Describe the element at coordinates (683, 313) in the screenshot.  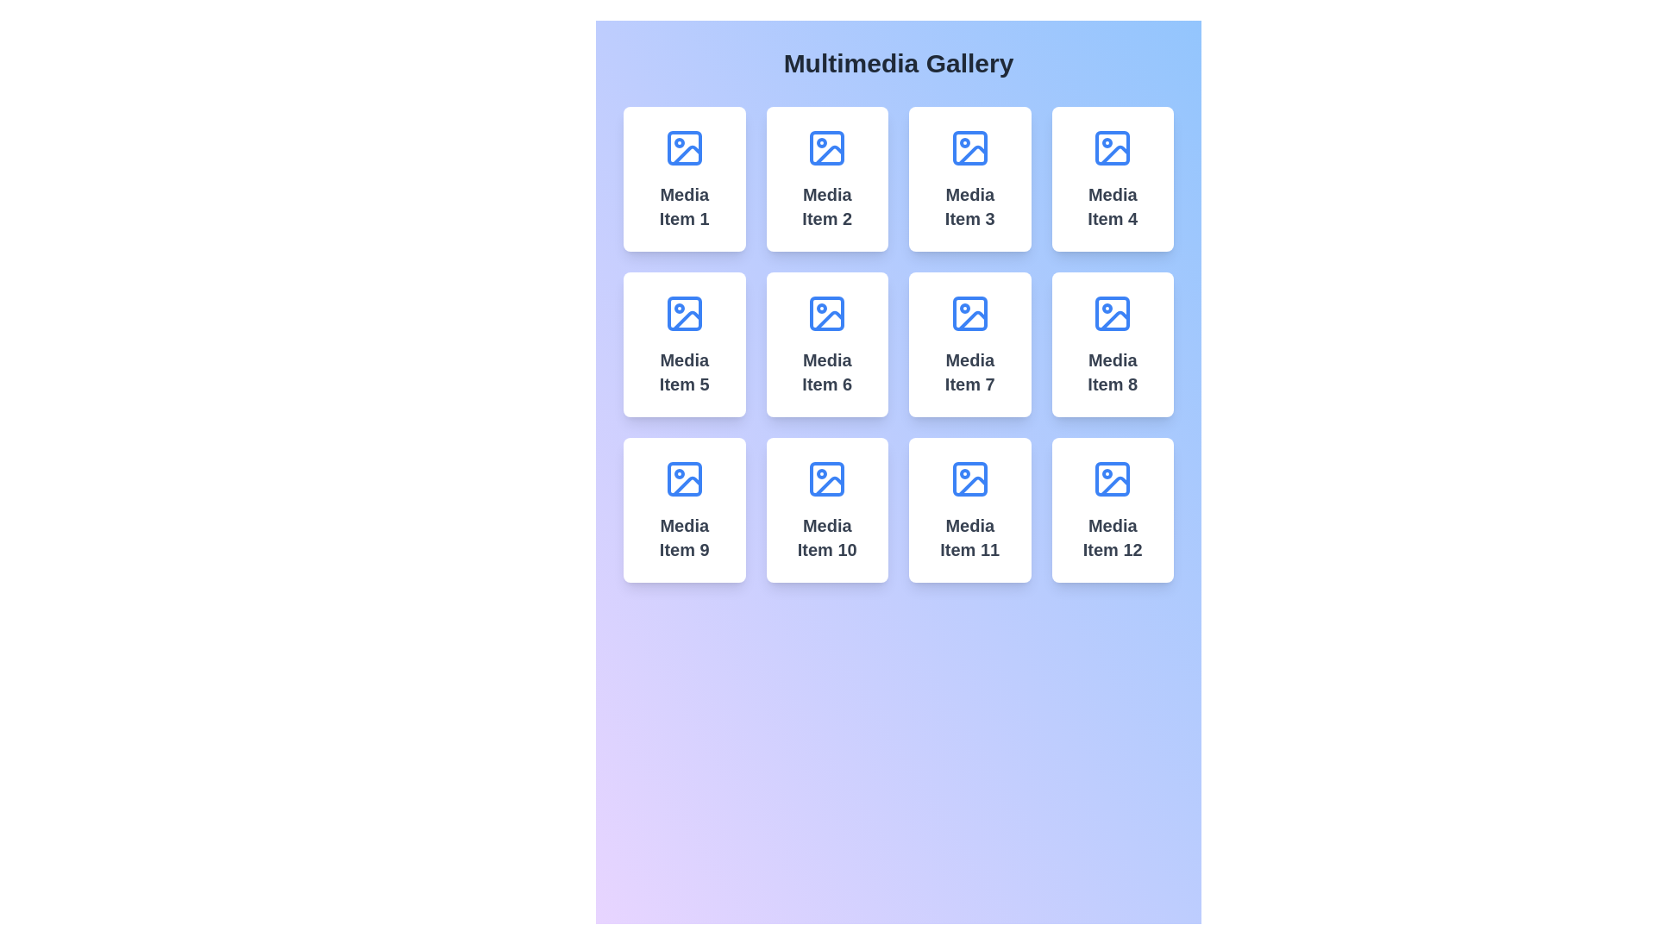
I see `the outlined photograph icon with a circular shape and curved line, located above the 'Media Item 5' label in the fifth box of the multimedia grid` at that location.